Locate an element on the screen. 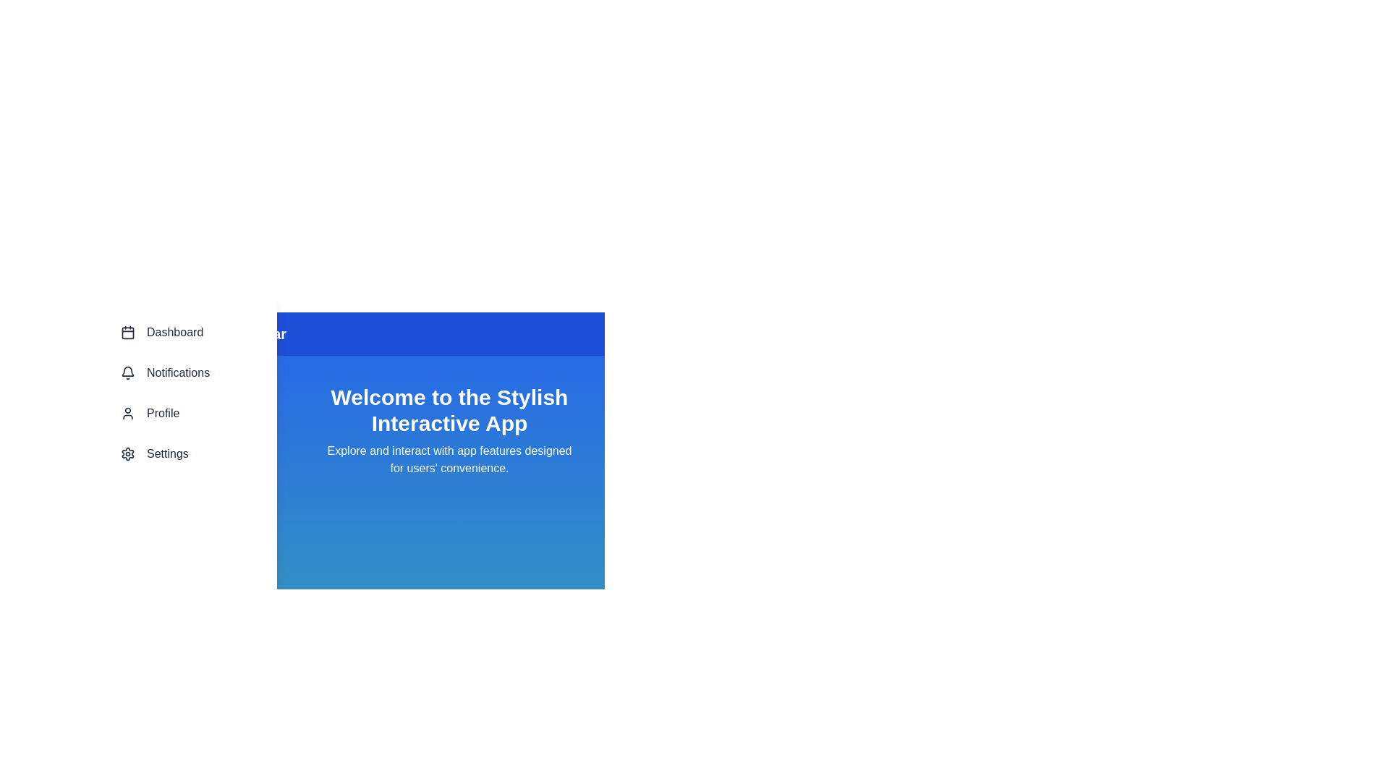 Image resolution: width=1389 pixels, height=781 pixels. the Dashboard section in the navigation bar to navigate to it is located at coordinates (183, 332).